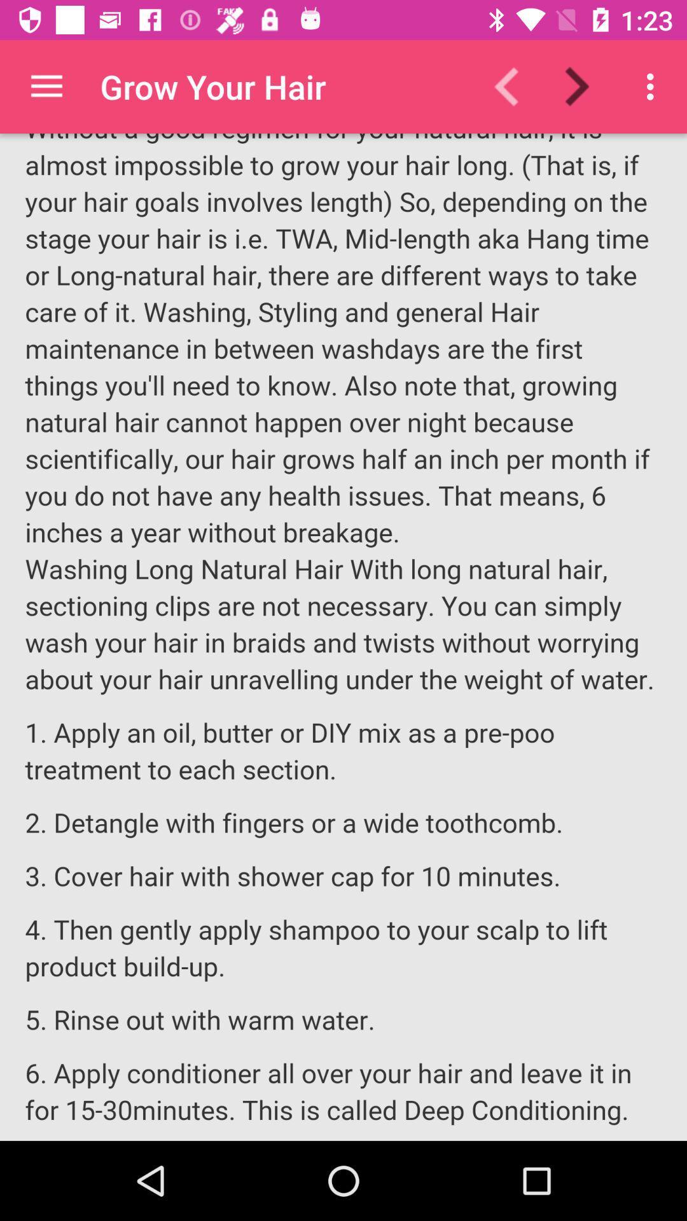 The width and height of the screenshot is (687, 1221). I want to click on back word, so click(514, 86).